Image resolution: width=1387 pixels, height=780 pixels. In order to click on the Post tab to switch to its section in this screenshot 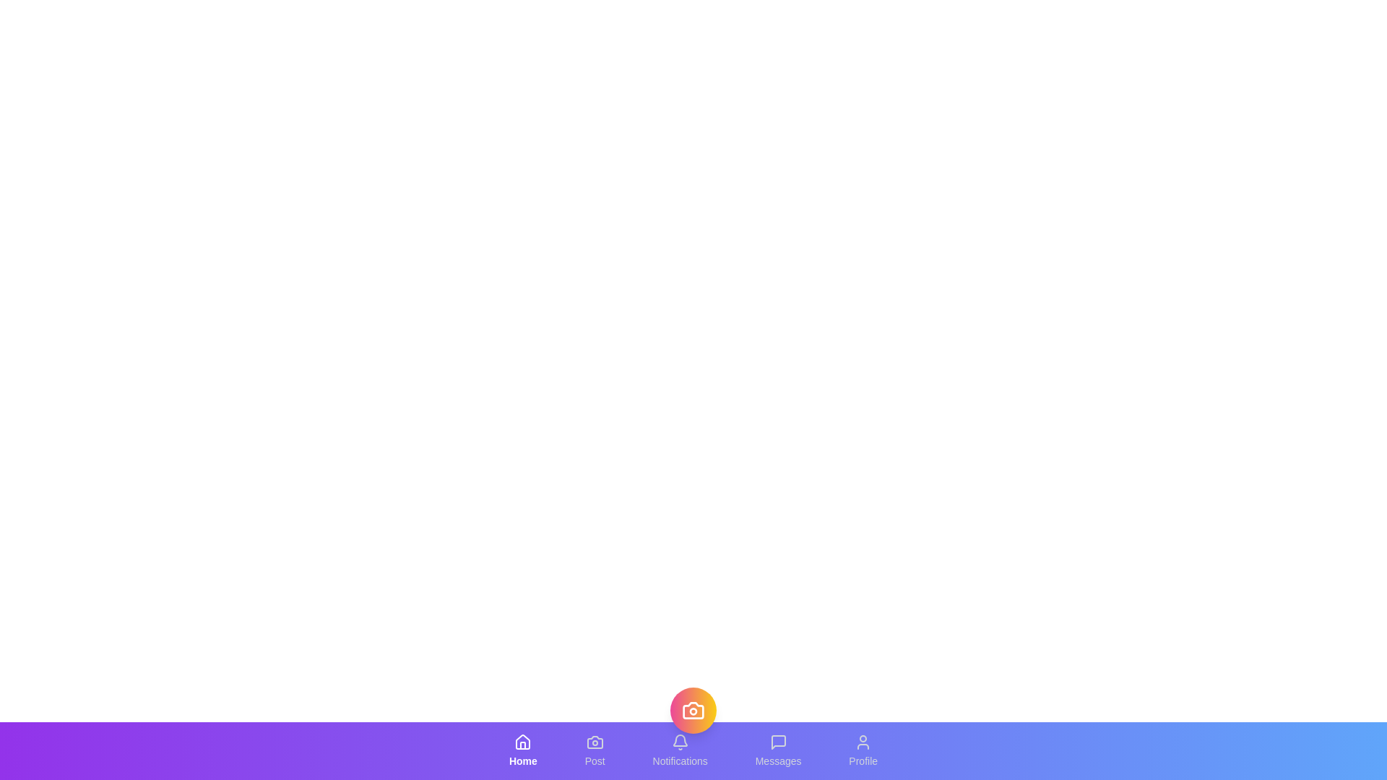, I will do `click(595, 750)`.